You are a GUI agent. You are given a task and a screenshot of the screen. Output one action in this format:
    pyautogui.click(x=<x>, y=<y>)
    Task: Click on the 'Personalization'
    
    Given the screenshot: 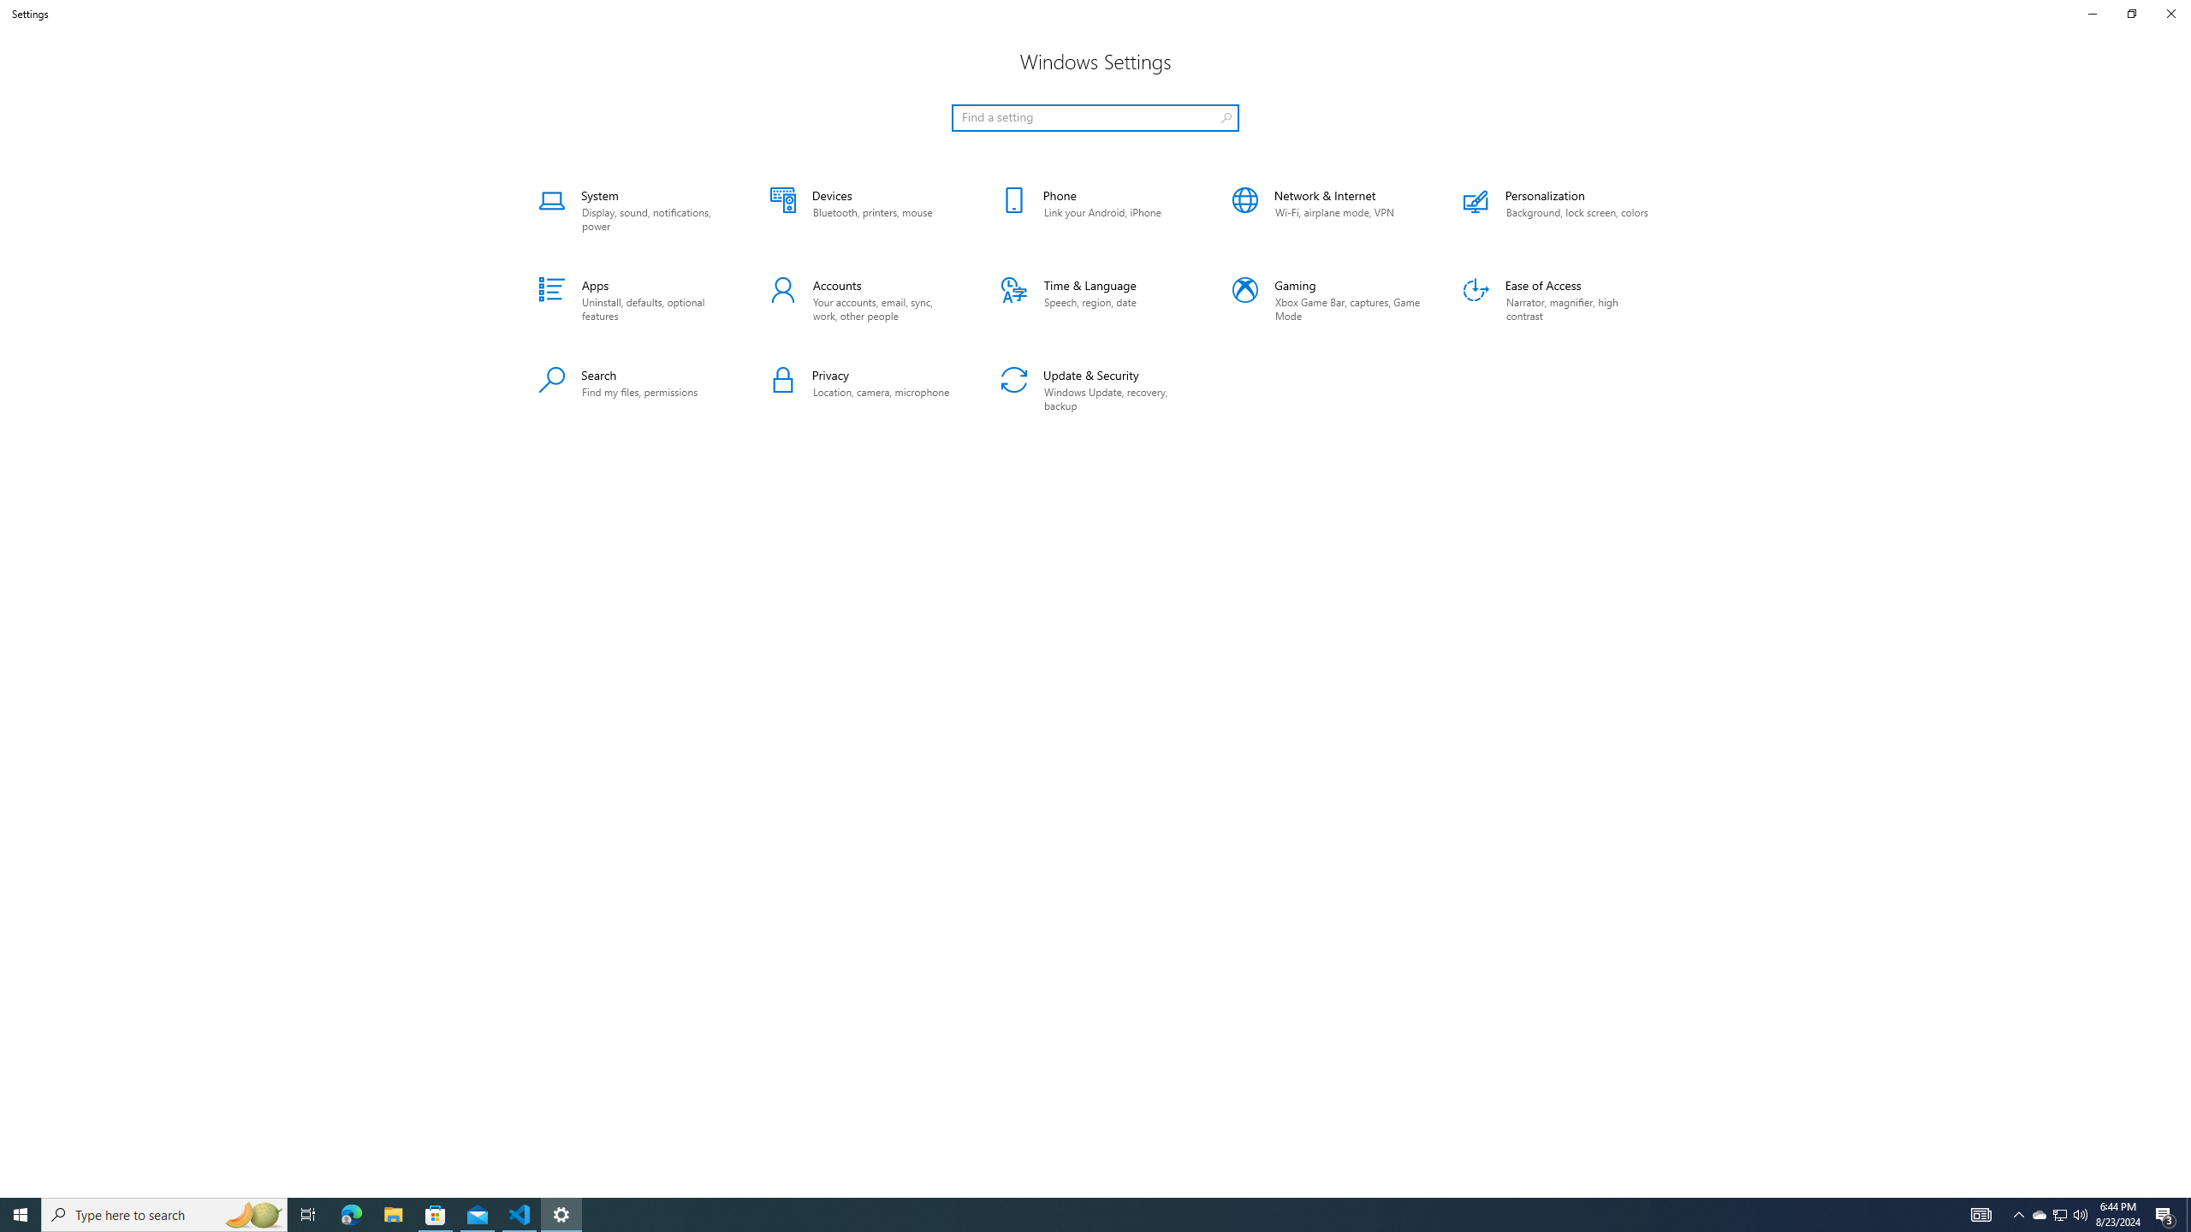 What is the action you would take?
    pyautogui.click(x=1557, y=210)
    